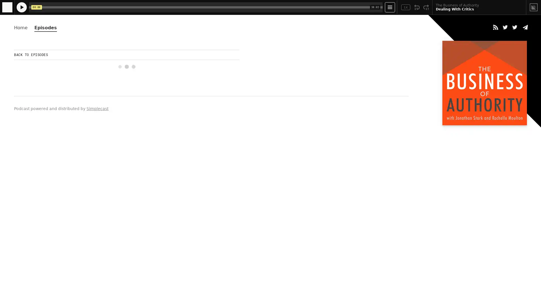  Describe the element at coordinates (417, 7) in the screenshot. I see `Rewind 15 Seconds` at that location.